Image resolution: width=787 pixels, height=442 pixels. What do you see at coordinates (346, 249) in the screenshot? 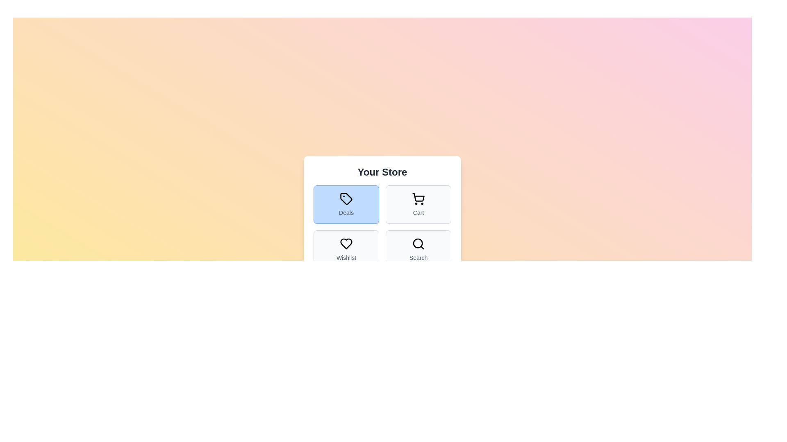
I see `the Wishlist tab button to observe its hover effect` at bounding box center [346, 249].